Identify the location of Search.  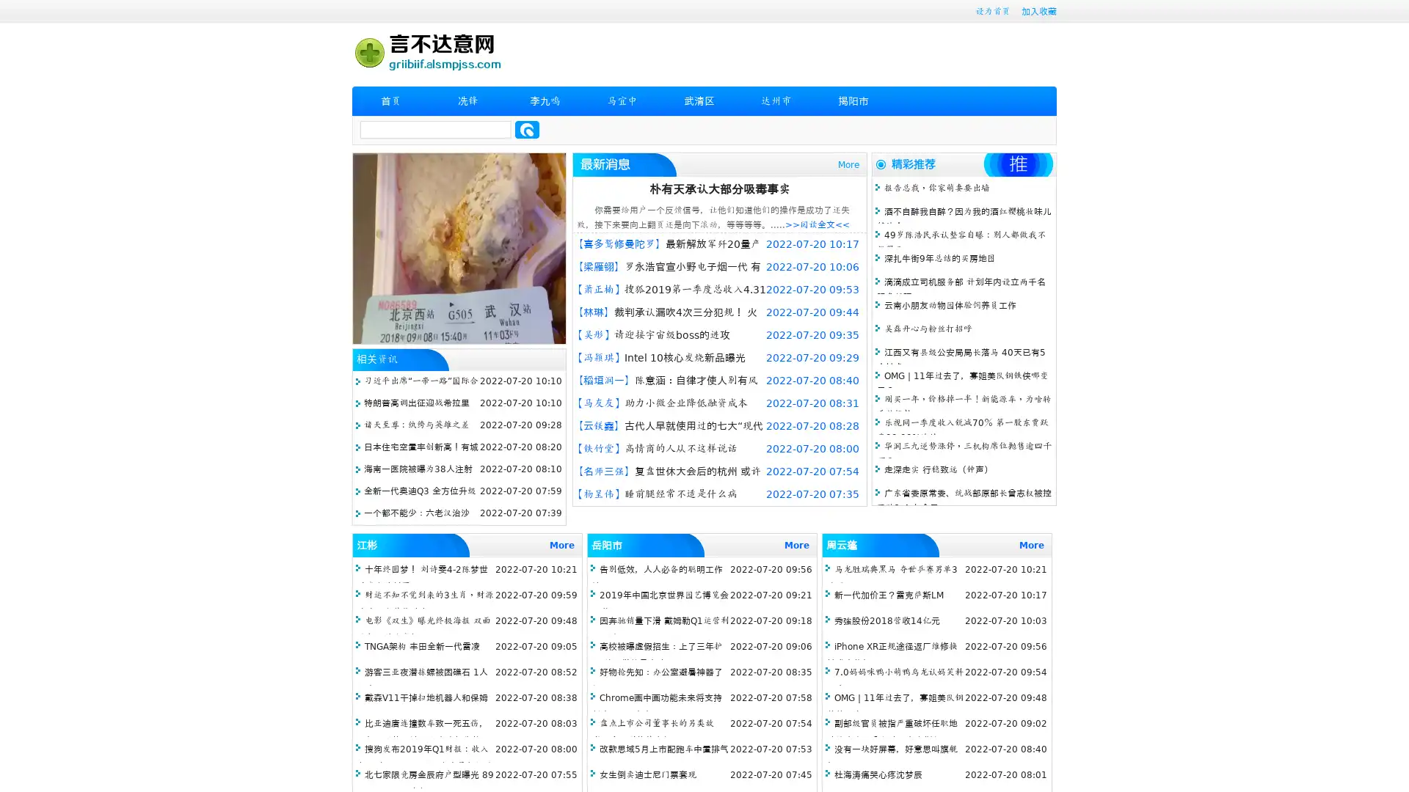
(527, 129).